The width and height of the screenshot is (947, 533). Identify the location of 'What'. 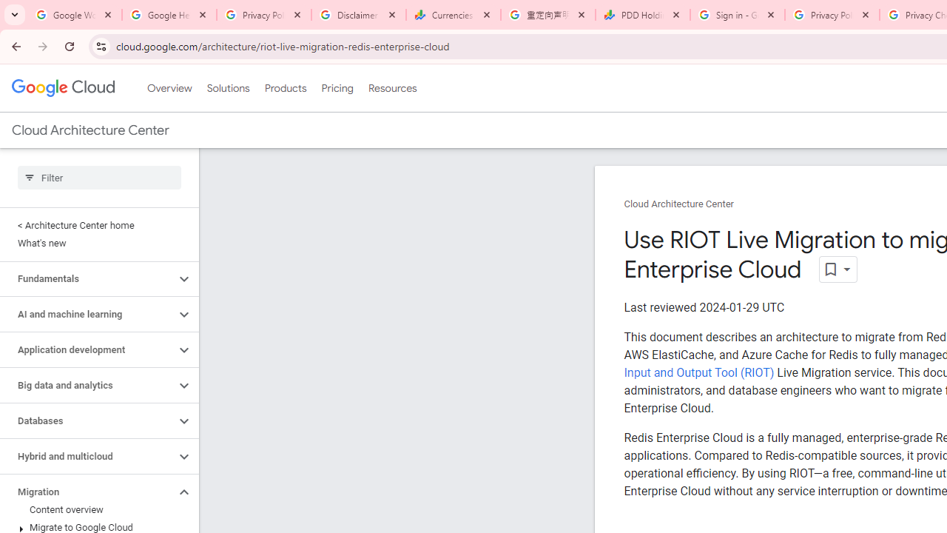
(95, 243).